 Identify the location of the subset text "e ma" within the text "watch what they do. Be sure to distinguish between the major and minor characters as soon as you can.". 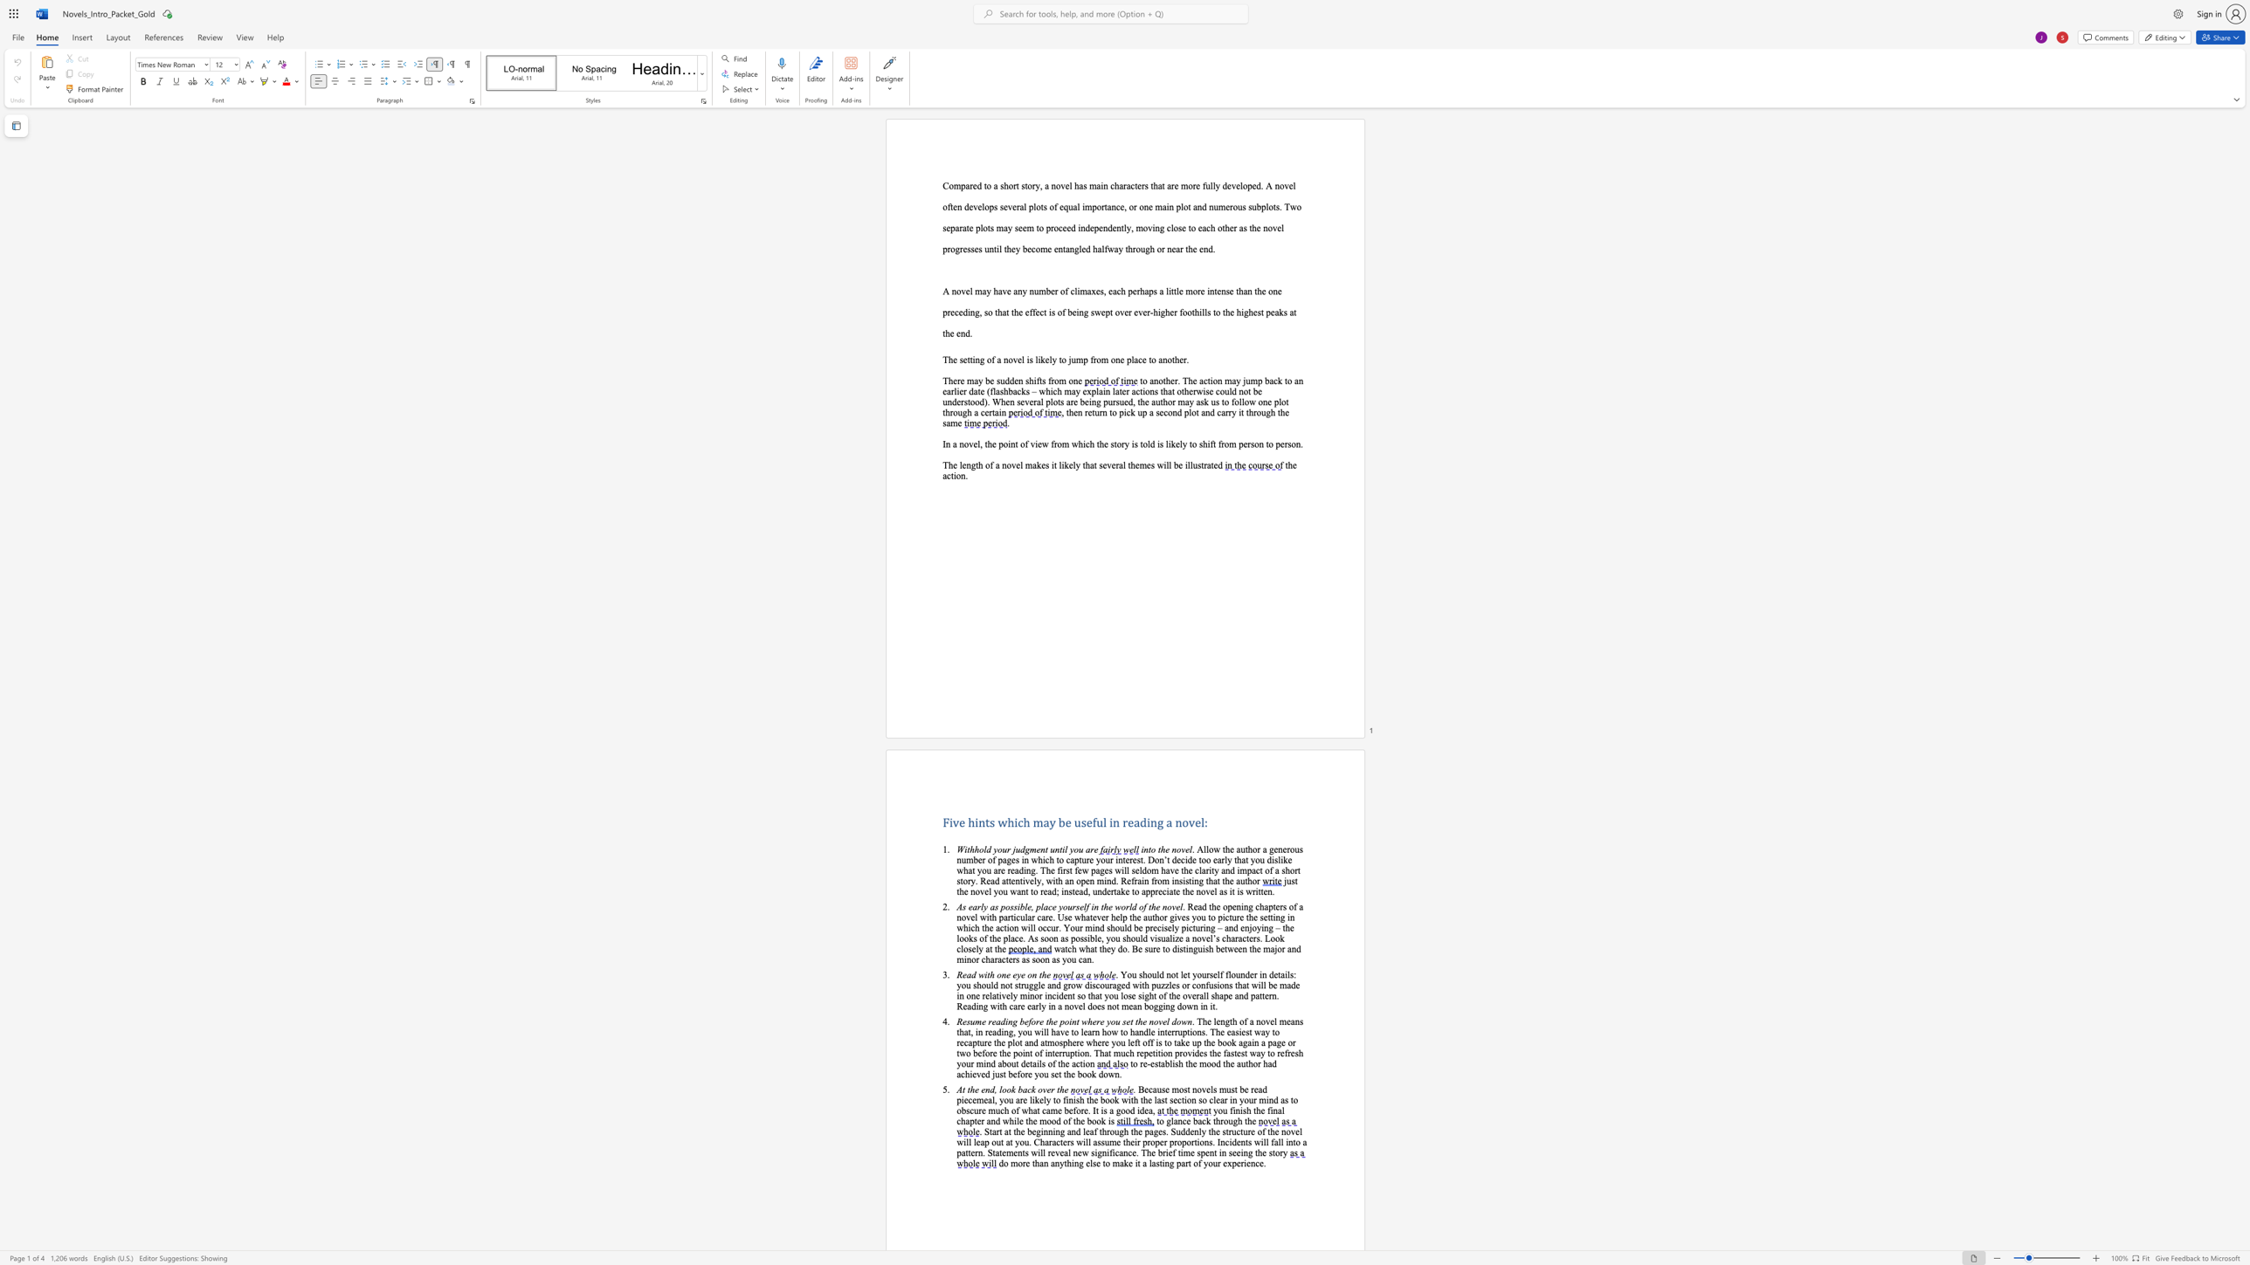
(1257, 949).